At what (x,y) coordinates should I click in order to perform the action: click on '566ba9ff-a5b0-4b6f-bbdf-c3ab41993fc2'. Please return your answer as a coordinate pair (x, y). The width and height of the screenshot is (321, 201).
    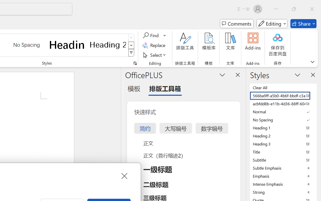
    Looking at the image, I should click on (283, 95).